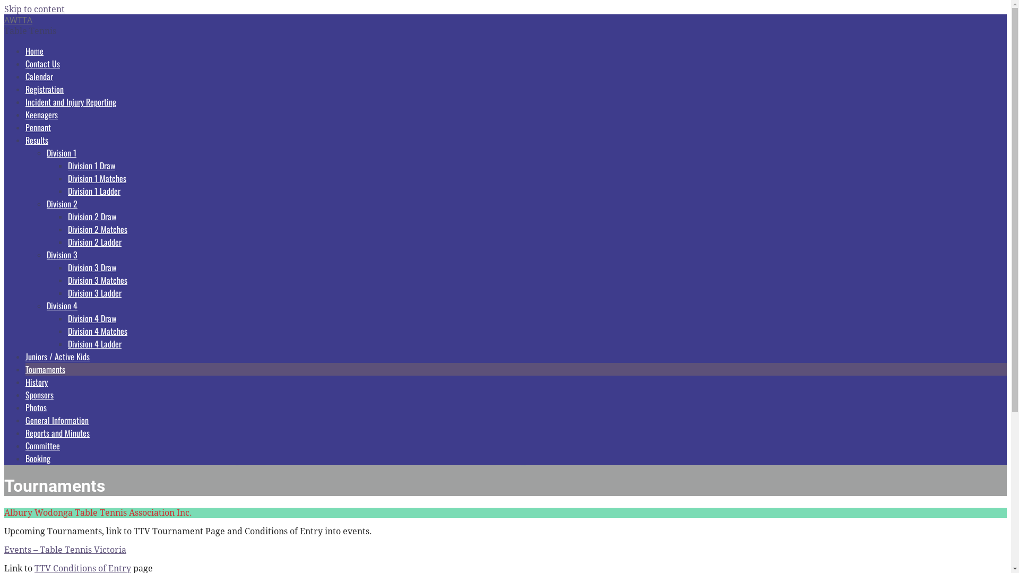  What do you see at coordinates (39, 75) in the screenshot?
I see `'Calendar'` at bounding box center [39, 75].